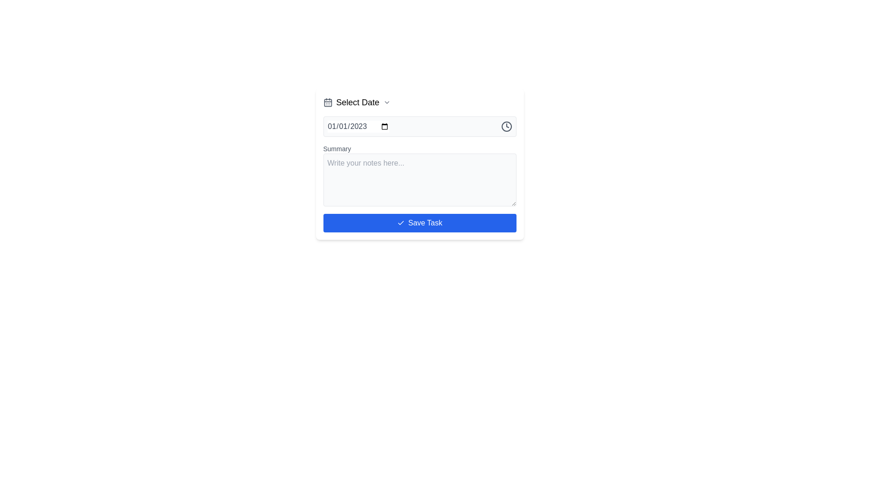  I want to click on the calendar icon with a gray outline positioned at the beginning of the 'Select Date' input field, so click(328, 102).